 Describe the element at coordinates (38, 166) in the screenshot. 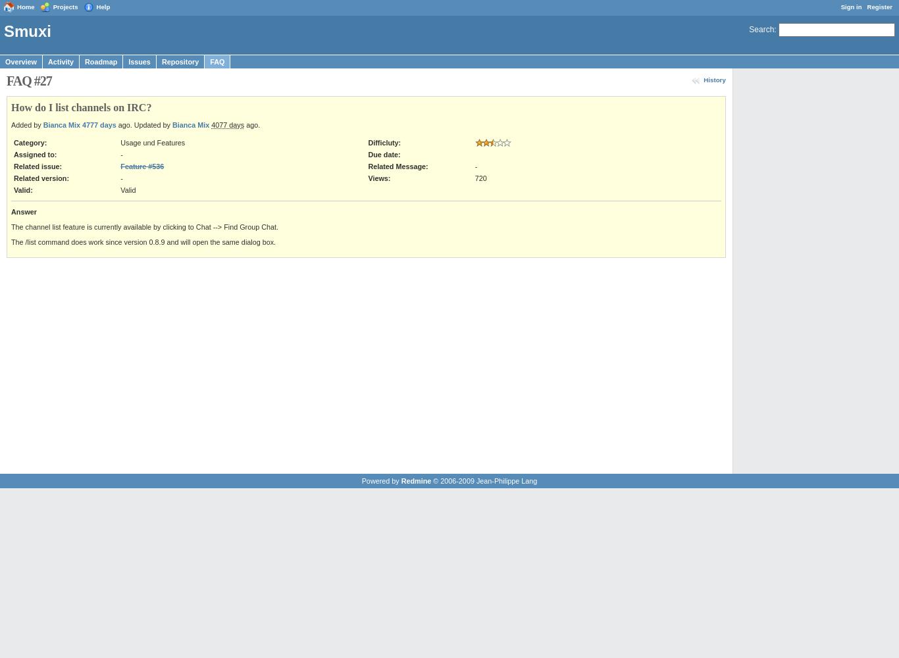

I see `'Related issue:'` at that location.